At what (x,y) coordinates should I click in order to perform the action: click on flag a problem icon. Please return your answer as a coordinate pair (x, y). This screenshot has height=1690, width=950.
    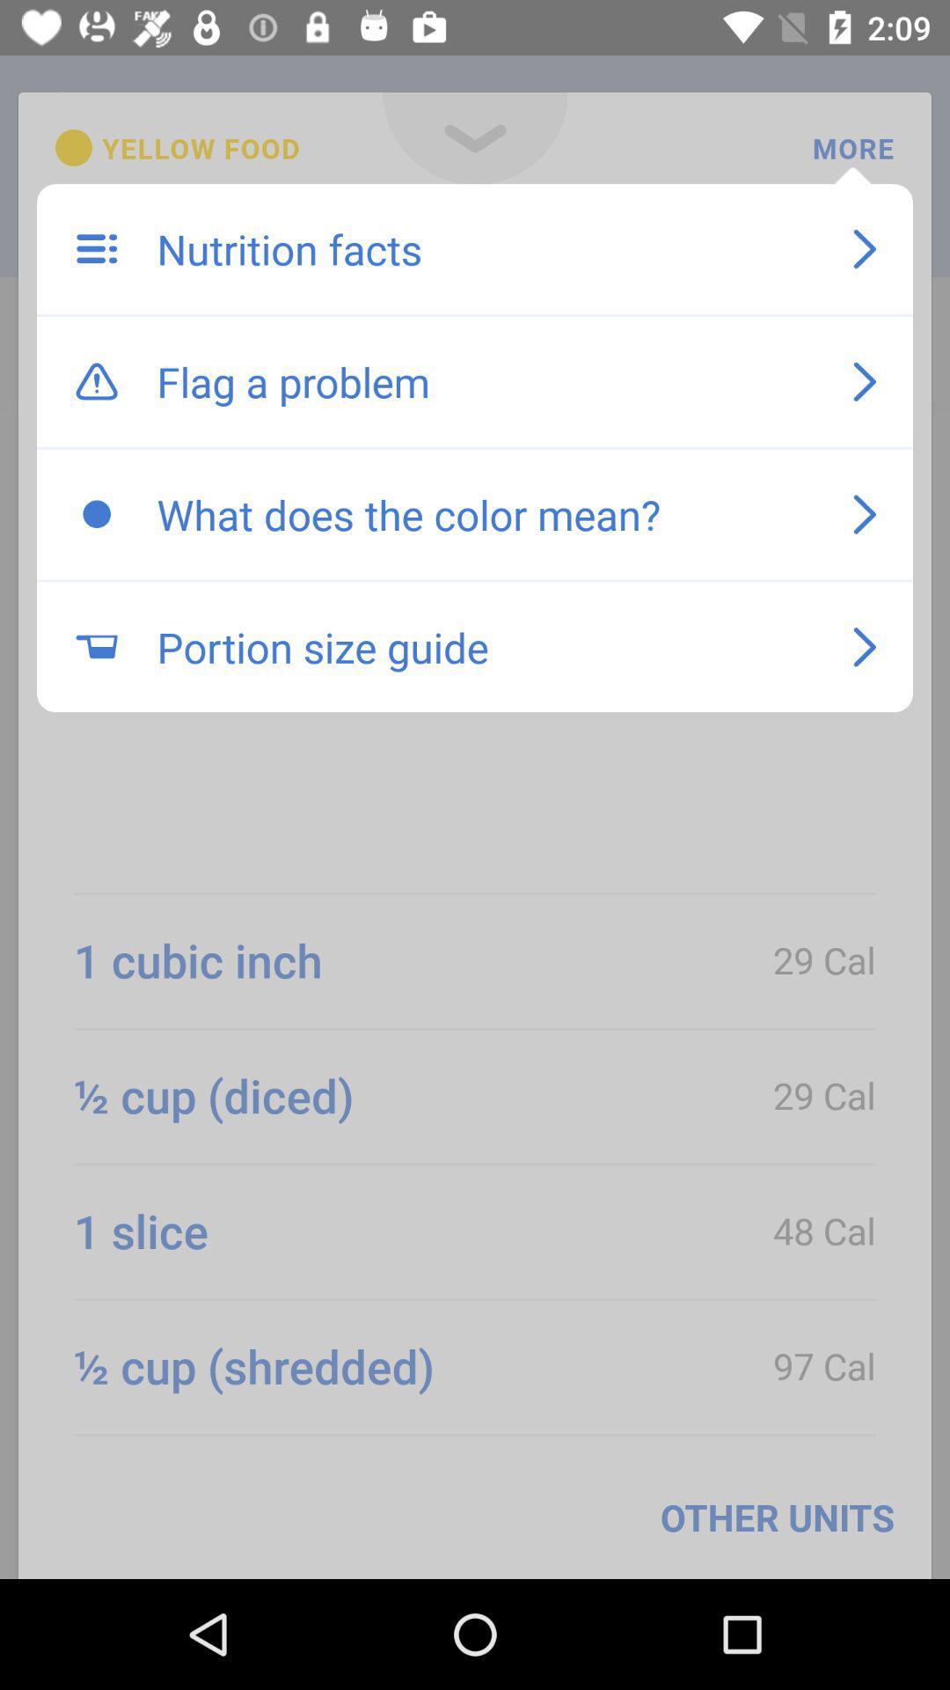
    Looking at the image, I should click on (486, 380).